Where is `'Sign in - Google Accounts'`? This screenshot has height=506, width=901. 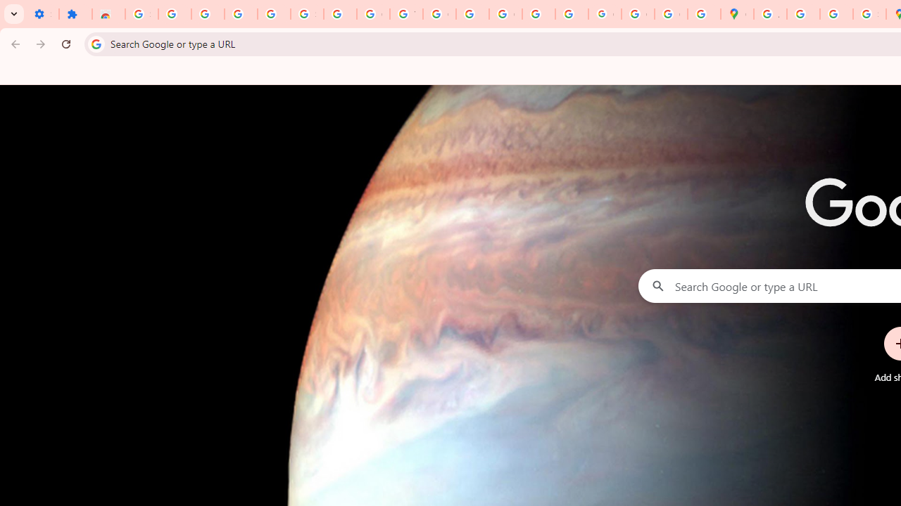 'Sign in - Google Accounts' is located at coordinates (141, 14).